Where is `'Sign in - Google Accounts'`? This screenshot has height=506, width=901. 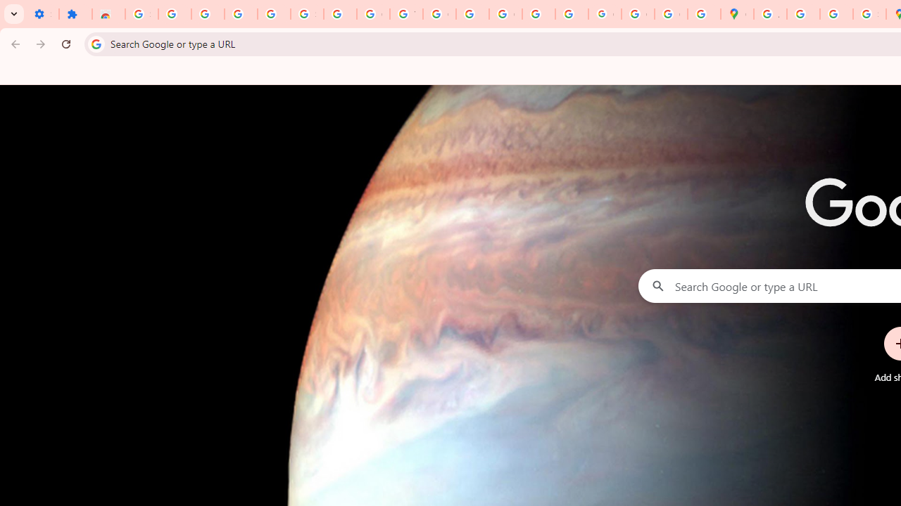 'Sign in - Google Accounts' is located at coordinates (141, 14).